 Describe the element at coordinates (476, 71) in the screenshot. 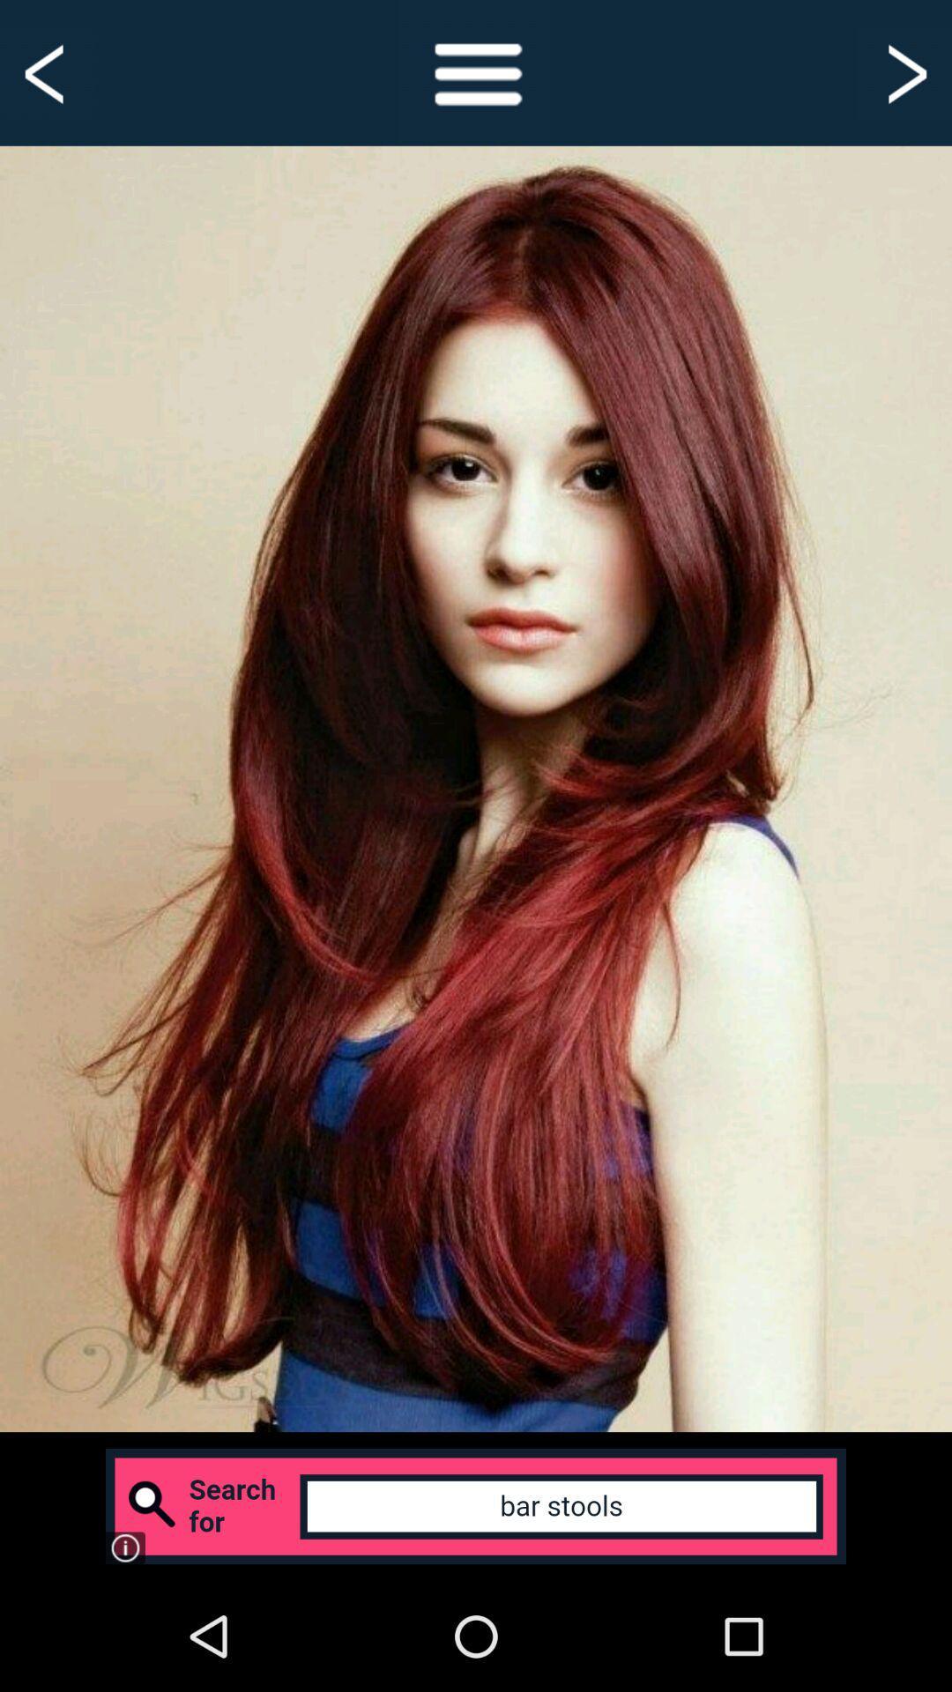

I see `menu dropdown` at that location.